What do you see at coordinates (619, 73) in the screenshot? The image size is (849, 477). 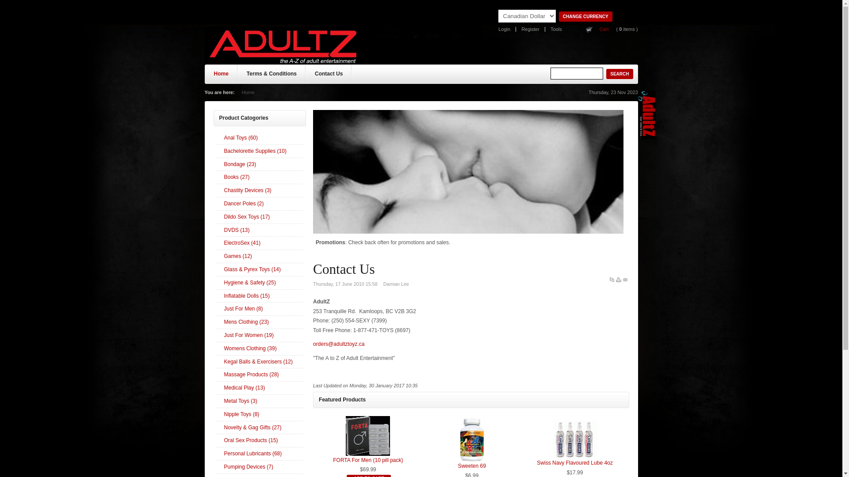 I see `'Search'` at bounding box center [619, 73].